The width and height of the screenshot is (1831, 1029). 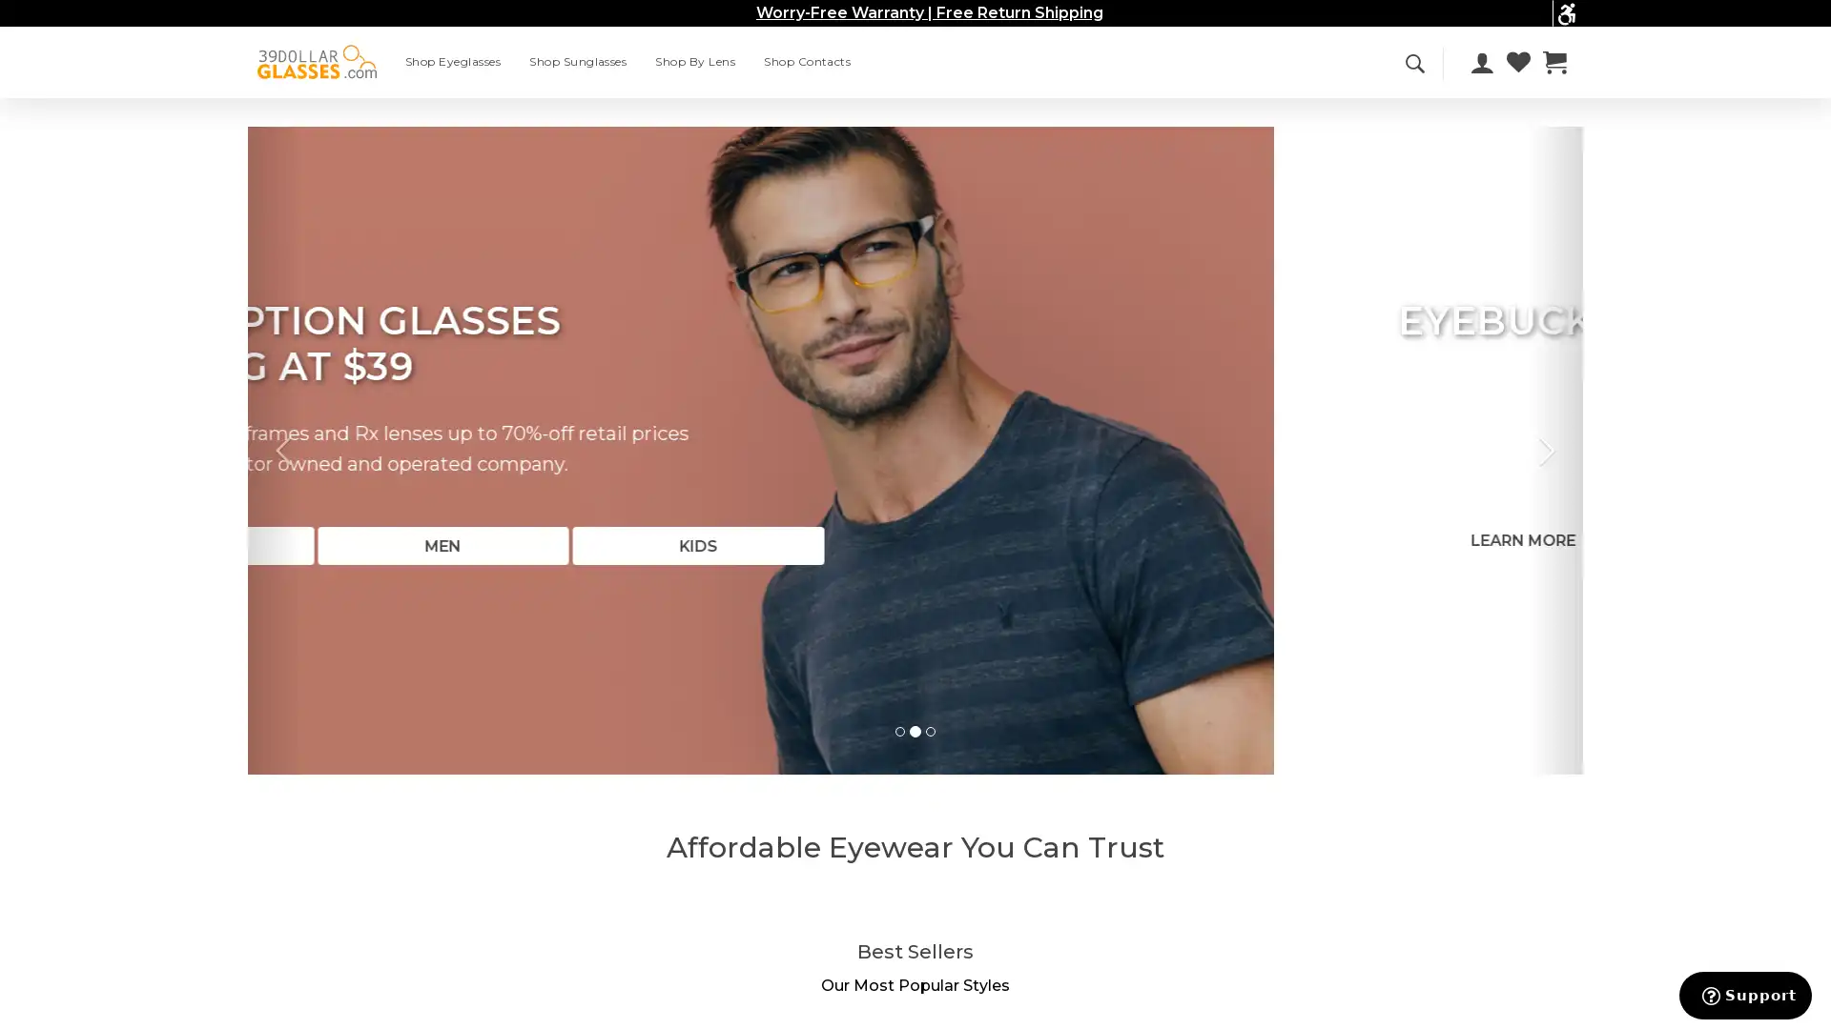 I want to click on Next, so click(x=1556, y=451).